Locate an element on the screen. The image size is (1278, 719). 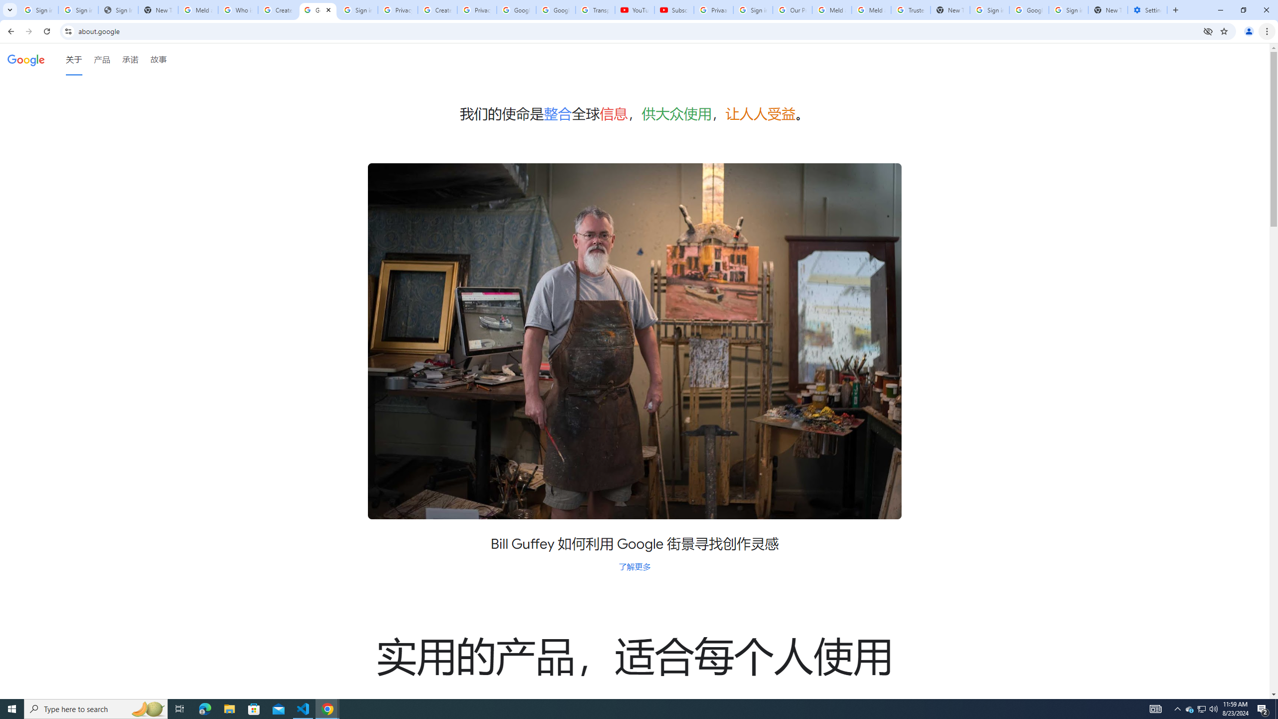
'Who is my administrator? - Google Account Help' is located at coordinates (238, 9).